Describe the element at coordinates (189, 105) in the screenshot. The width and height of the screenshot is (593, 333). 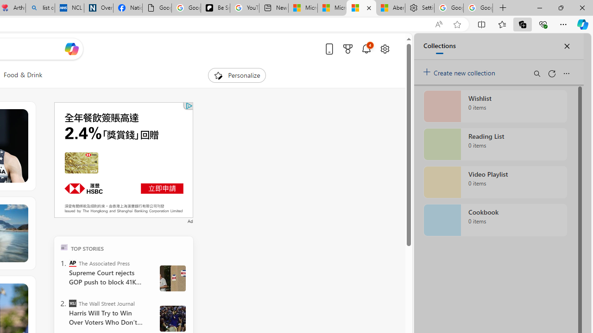
I see `'Class: qc-adchoices-icon'` at that location.